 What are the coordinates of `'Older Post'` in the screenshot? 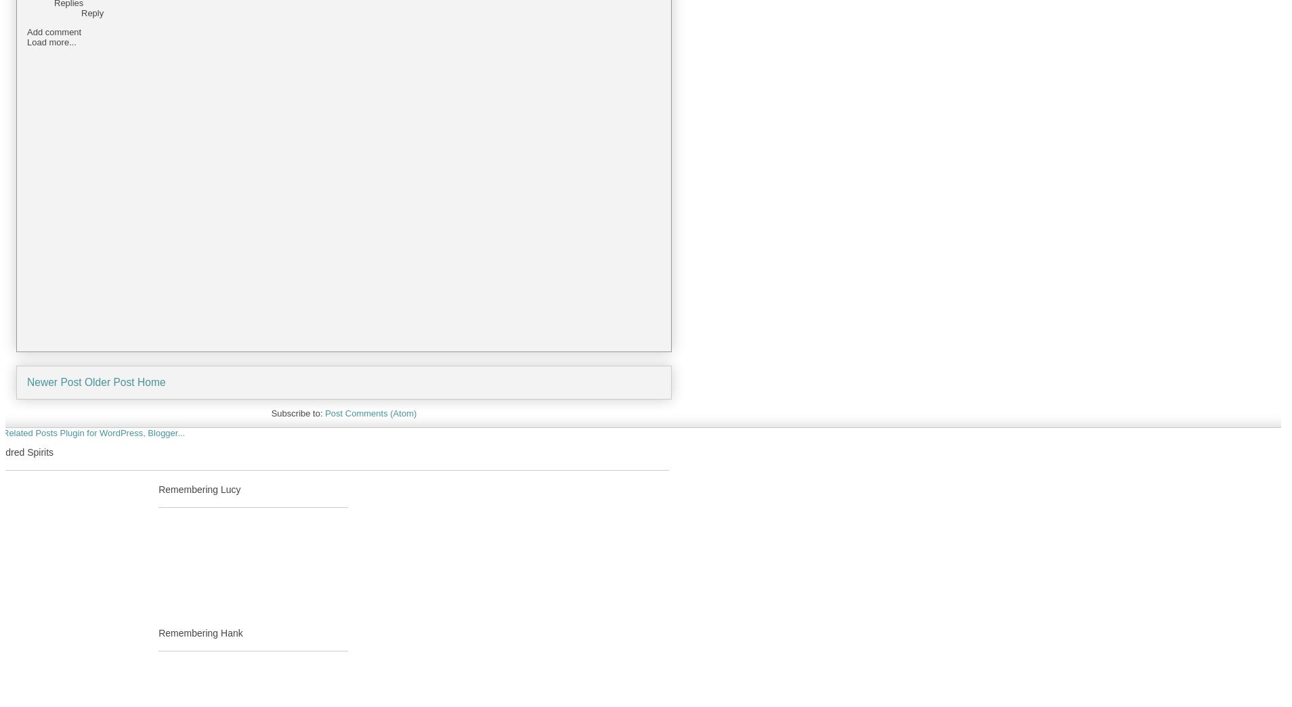 It's located at (108, 381).